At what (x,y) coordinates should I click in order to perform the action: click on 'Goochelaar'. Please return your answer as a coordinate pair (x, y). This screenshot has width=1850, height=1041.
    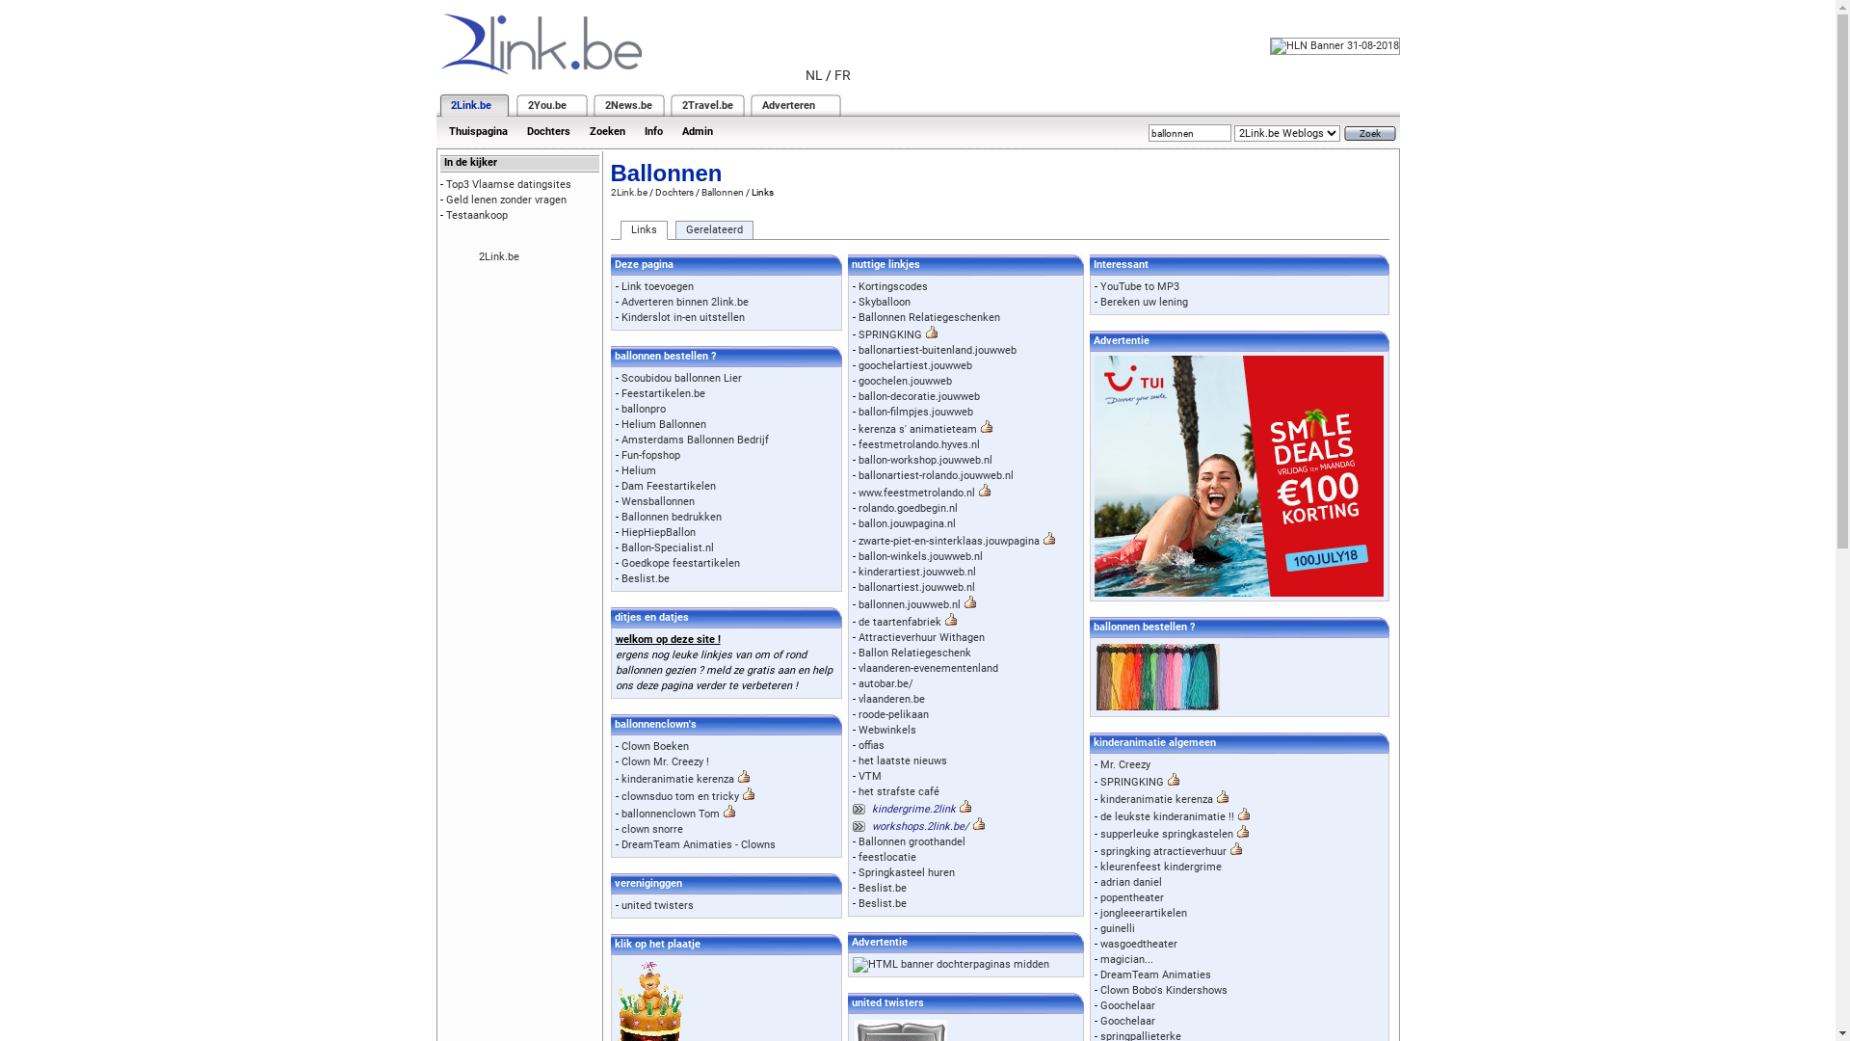
    Looking at the image, I should click on (1127, 1004).